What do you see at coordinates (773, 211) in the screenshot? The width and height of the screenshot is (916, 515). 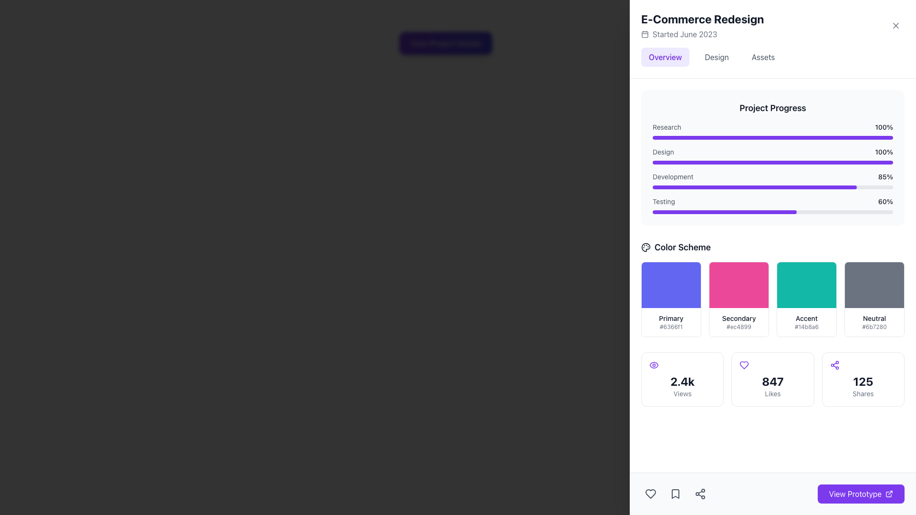 I see `the rectangular progress bar styled with rounded corners, located in the 'Testing' section of the 'Project Progress' panel, which is filled in violet and represents 60% progress` at bounding box center [773, 211].